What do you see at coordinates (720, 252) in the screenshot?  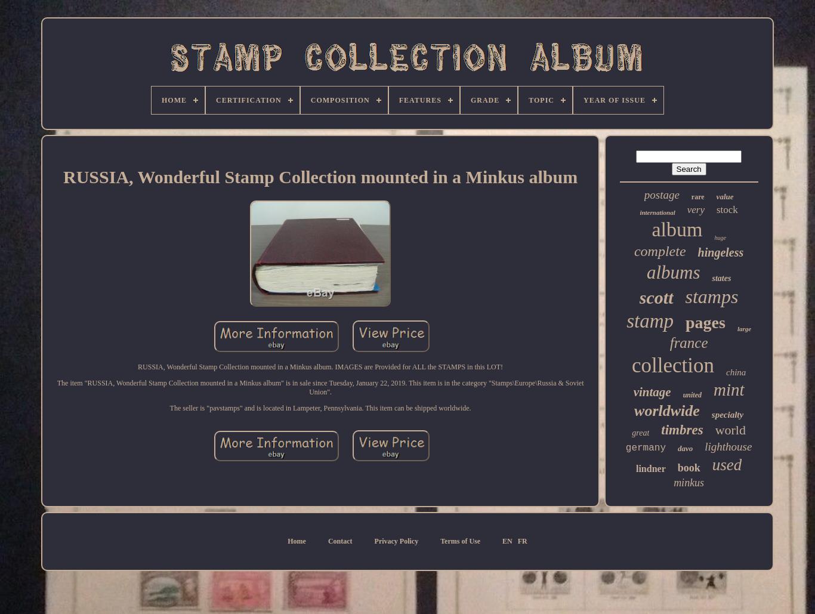 I see `'hingeless'` at bounding box center [720, 252].